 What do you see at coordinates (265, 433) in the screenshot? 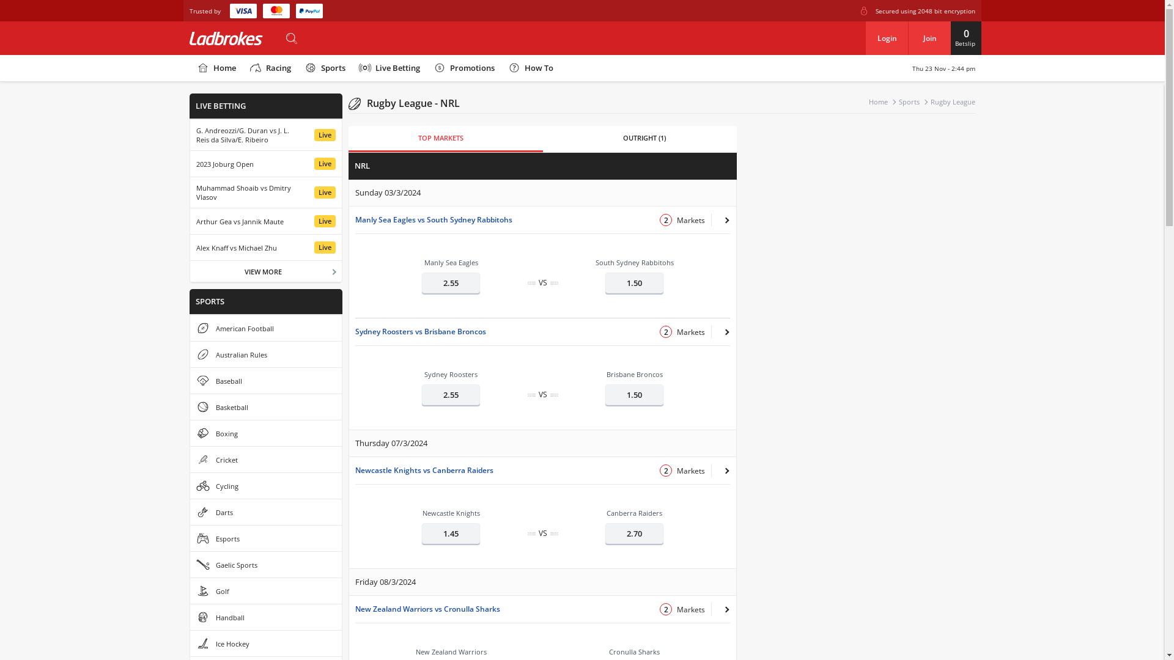
I see `'Boxing'` at bounding box center [265, 433].